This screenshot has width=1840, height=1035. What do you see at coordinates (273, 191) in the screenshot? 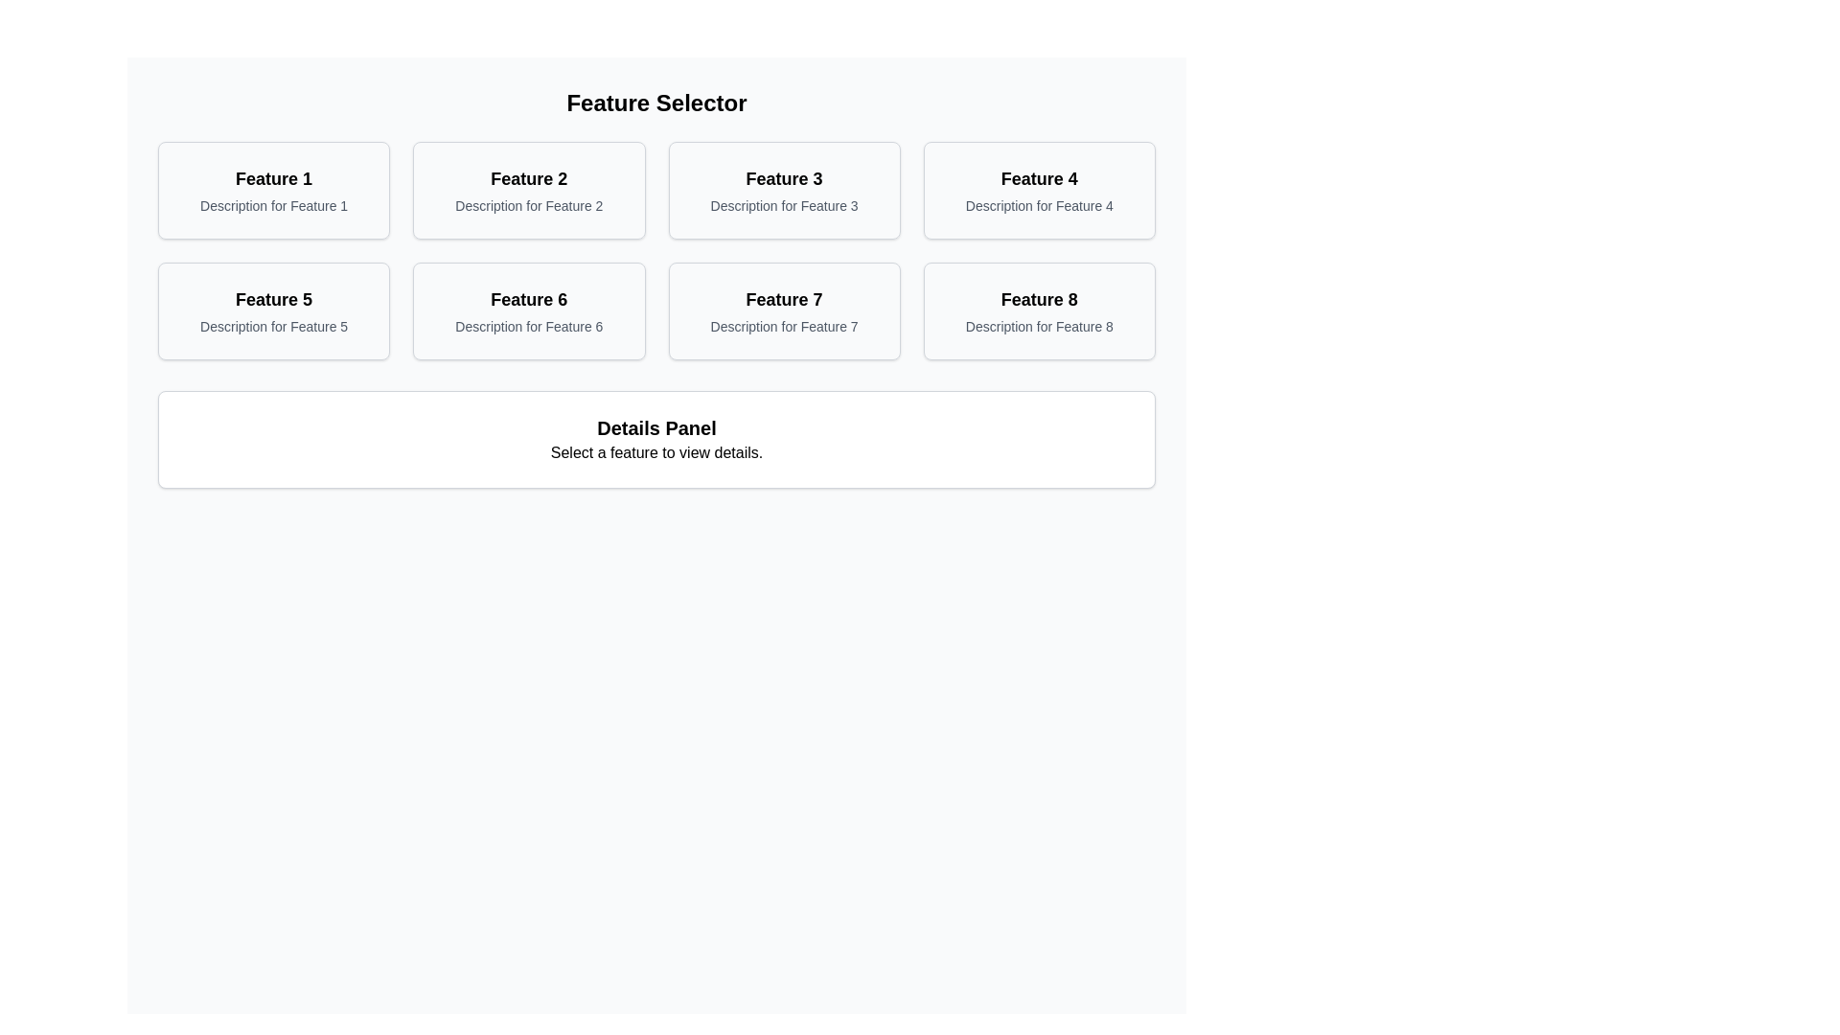
I see `the Button-like card representing 'Feature 1', which is located in the top-left corner of the grid layout and is the first card of its row and column` at bounding box center [273, 191].